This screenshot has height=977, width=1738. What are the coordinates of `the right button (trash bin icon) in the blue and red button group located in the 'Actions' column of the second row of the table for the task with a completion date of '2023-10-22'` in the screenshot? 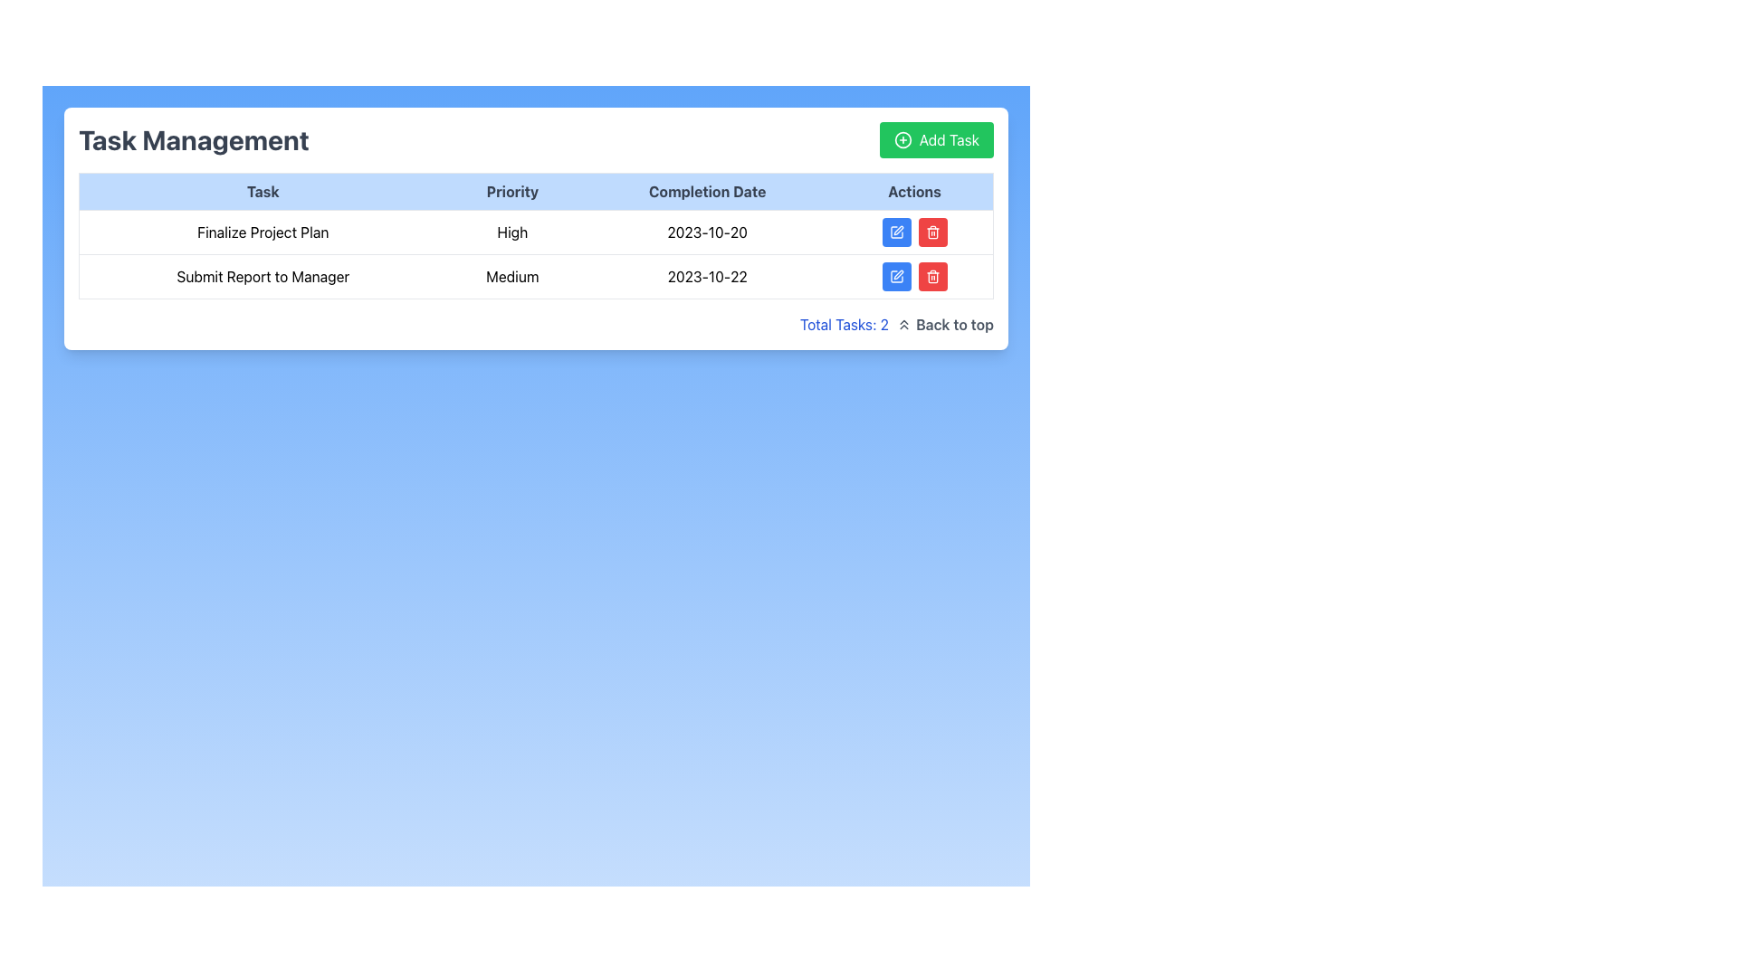 It's located at (914, 276).